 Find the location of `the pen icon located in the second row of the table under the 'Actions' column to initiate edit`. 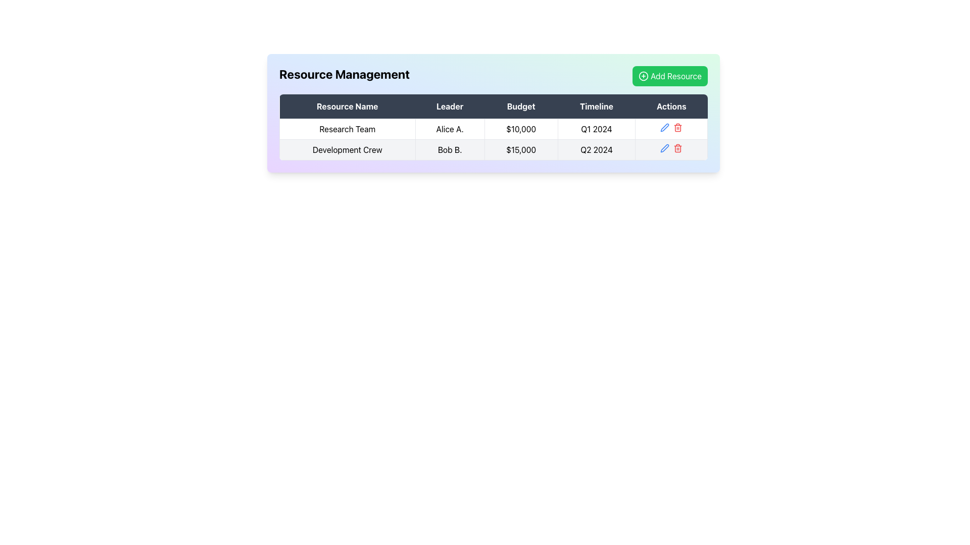

the pen icon located in the second row of the table under the 'Actions' column to initiate edit is located at coordinates (664, 148).